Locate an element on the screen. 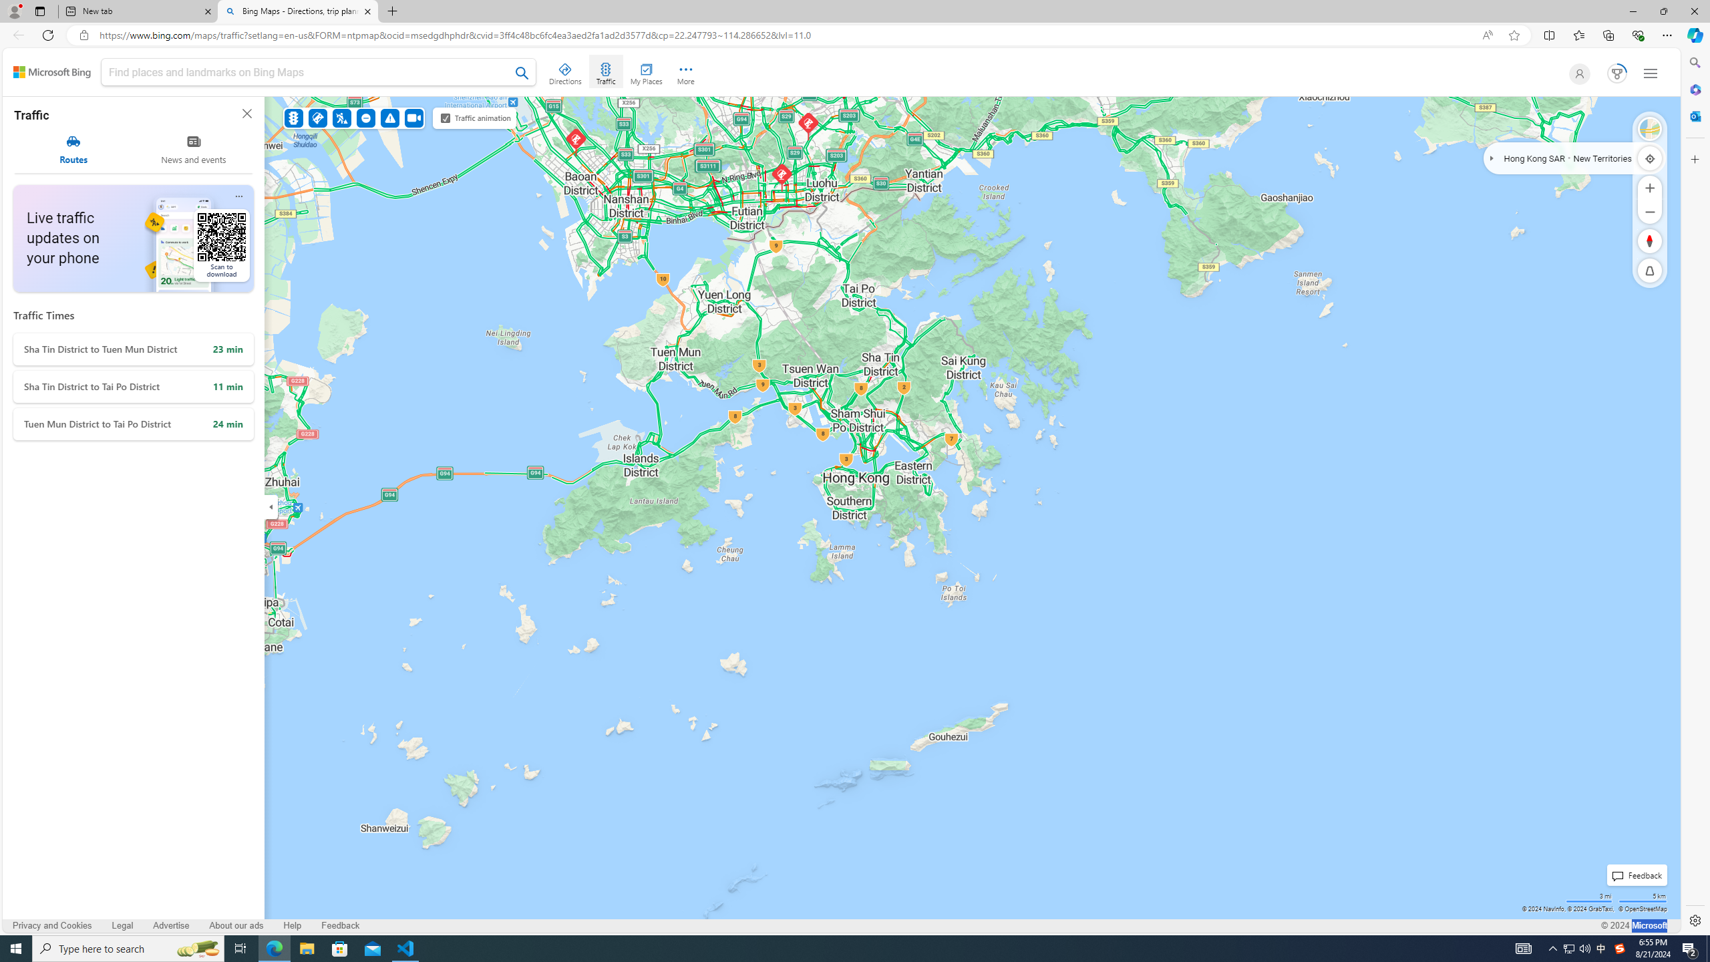 Image resolution: width=1710 pixels, height=962 pixels. 'Reset to Default Pitch' is located at coordinates (1650, 271).